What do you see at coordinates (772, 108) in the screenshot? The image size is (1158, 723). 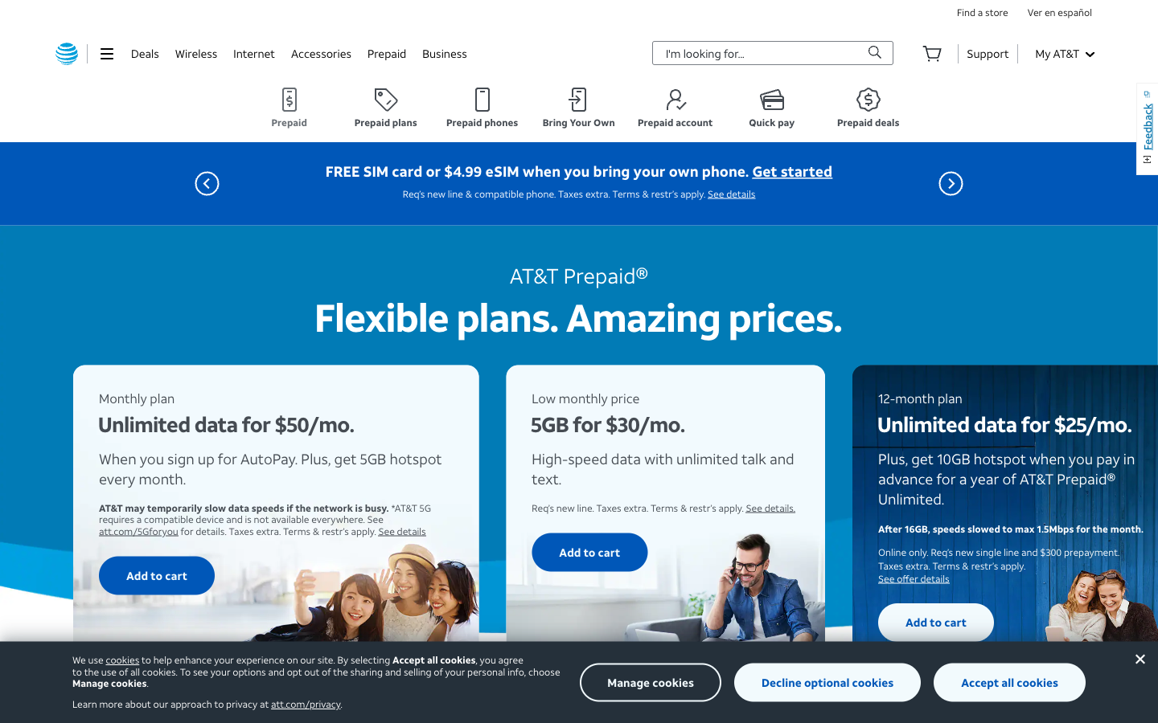 I see `Go to the "Quick Pay" function` at bounding box center [772, 108].